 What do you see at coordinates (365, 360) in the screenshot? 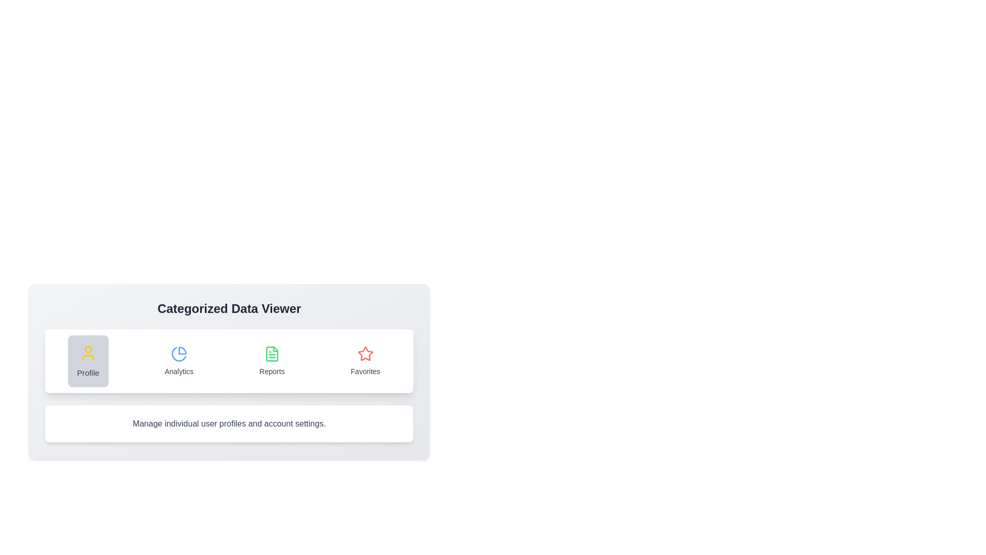
I see `the Favorites tab to view its description` at bounding box center [365, 360].